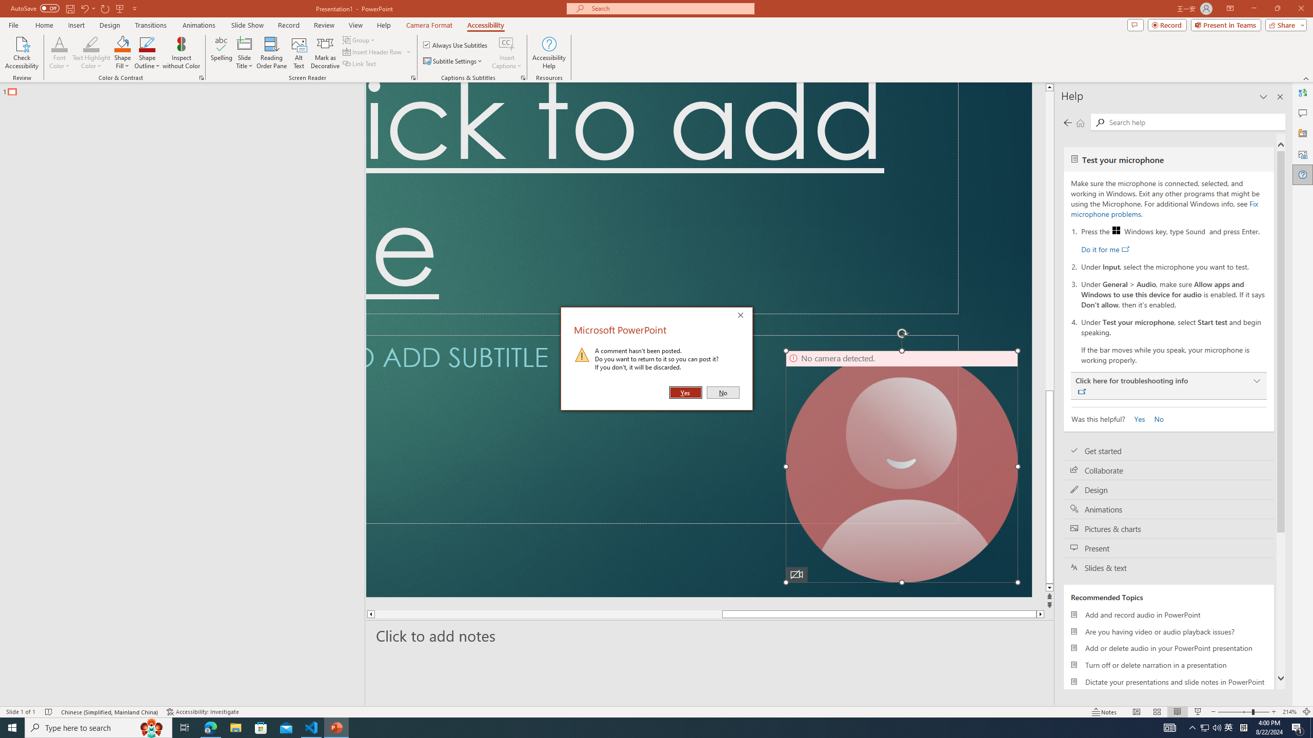 This screenshot has width=1313, height=738. I want to click on 'Add or delete audio in your PowerPoint presentation', so click(1168, 648).